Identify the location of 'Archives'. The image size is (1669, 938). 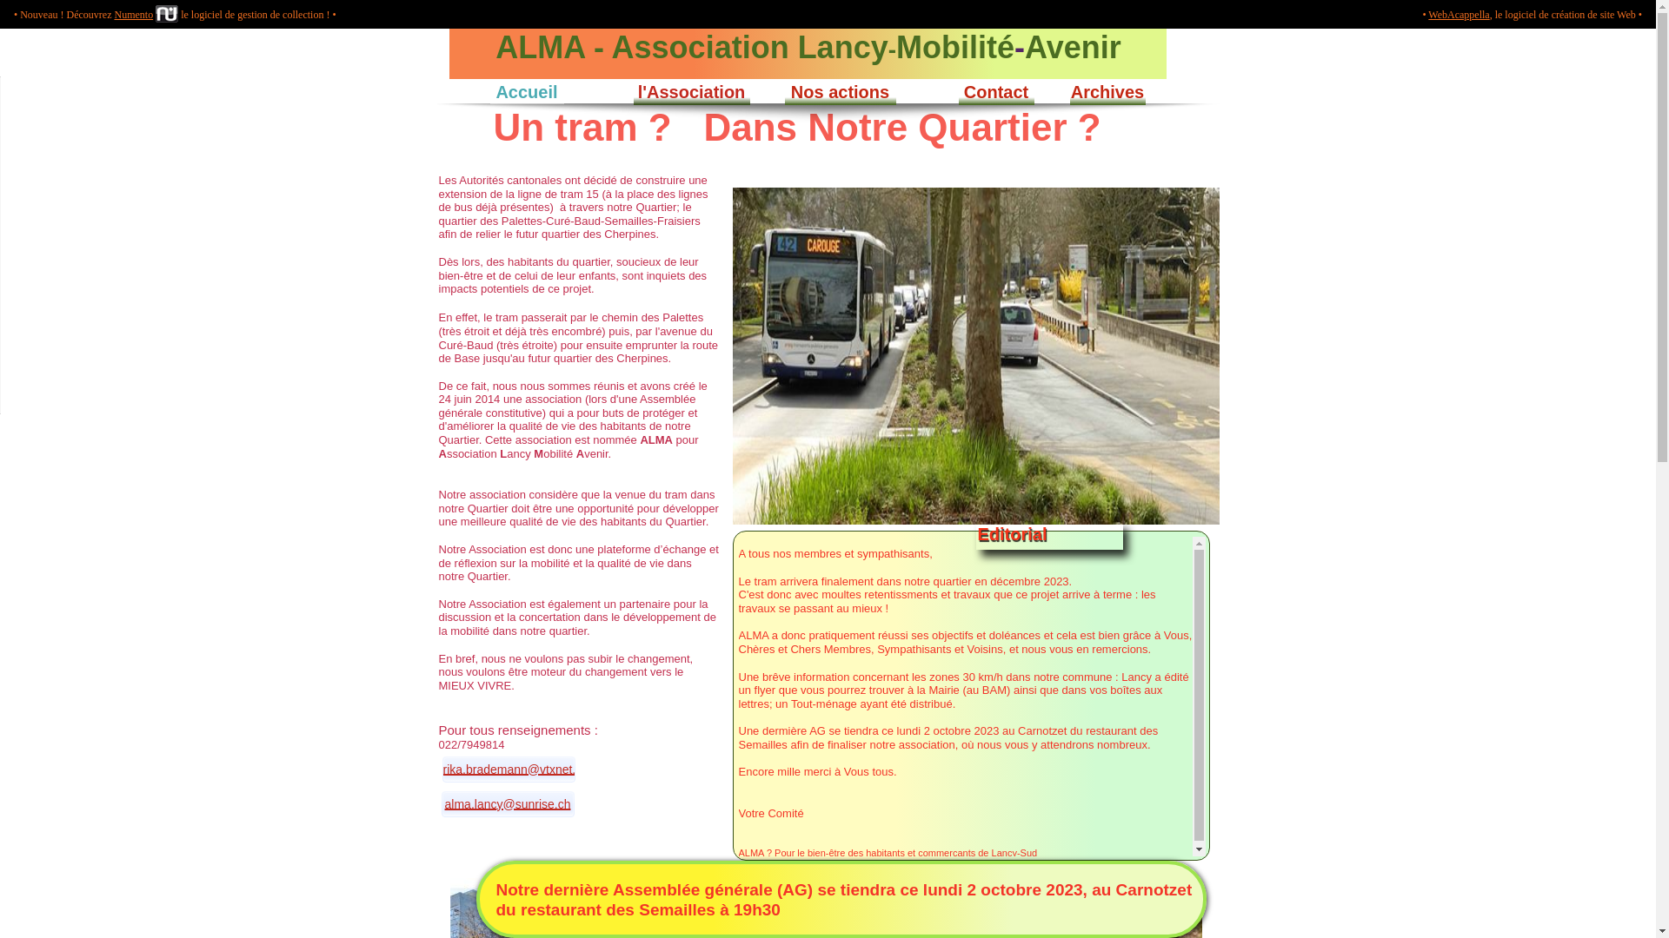
(1107, 90).